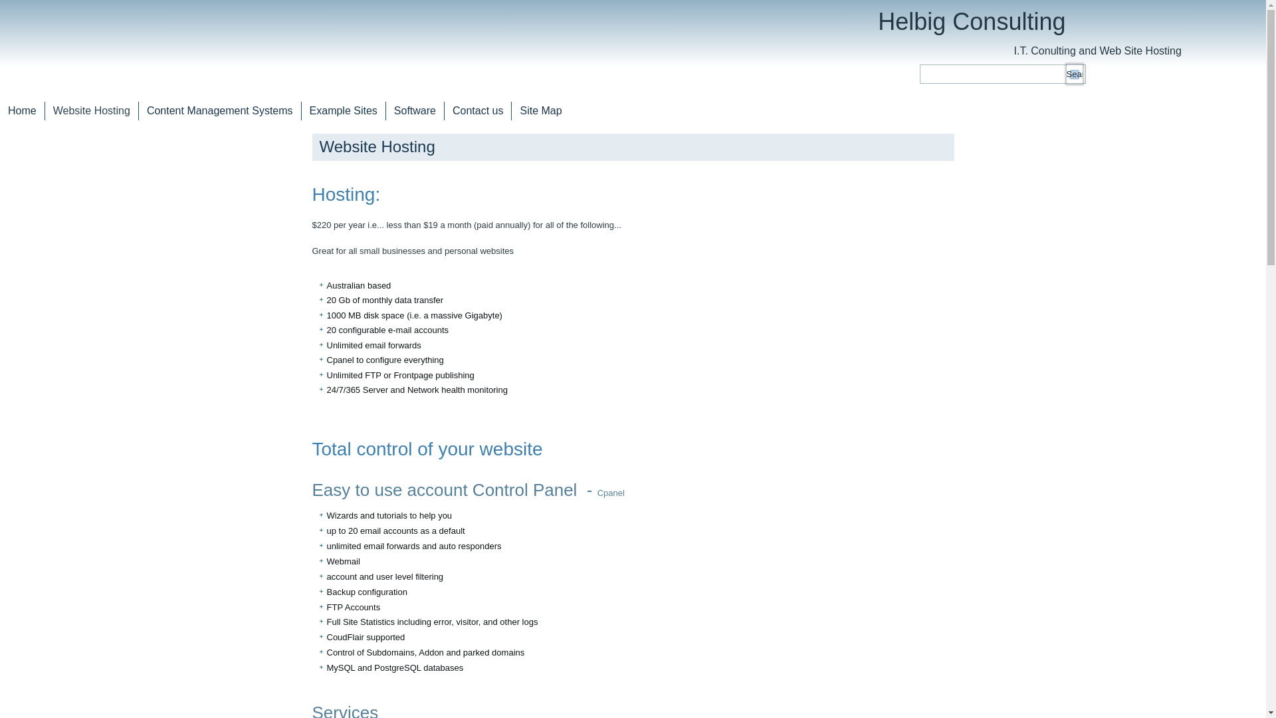 Image resolution: width=1276 pixels, height=718 pixels. Describe the element at coordinates (220, 110) in the screenshot. I see `'Content Management Systems'` at that location.